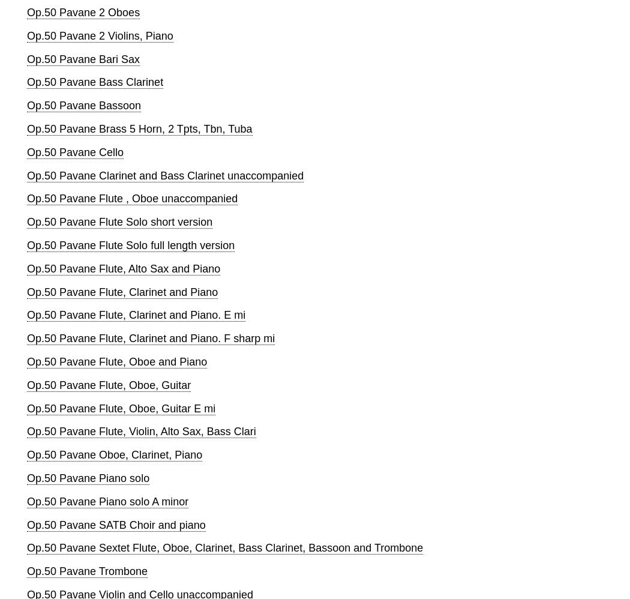 The image size is (630, 599). I want to click on 'Op.50  Pavane  Flute, Oboe, Guitar  E mi', so click(121, 408).